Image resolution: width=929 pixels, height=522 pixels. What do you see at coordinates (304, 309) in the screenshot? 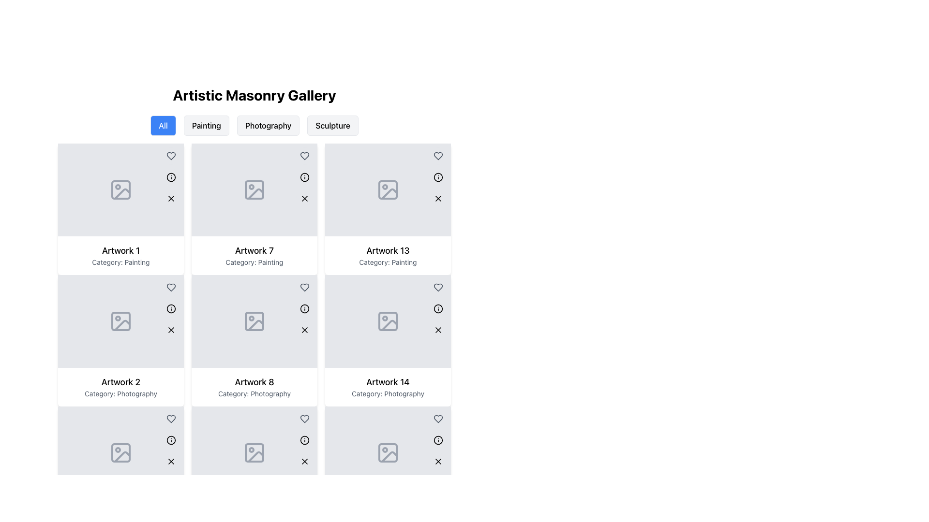
I see `the second informational icon` at bounding box center [304, 309].